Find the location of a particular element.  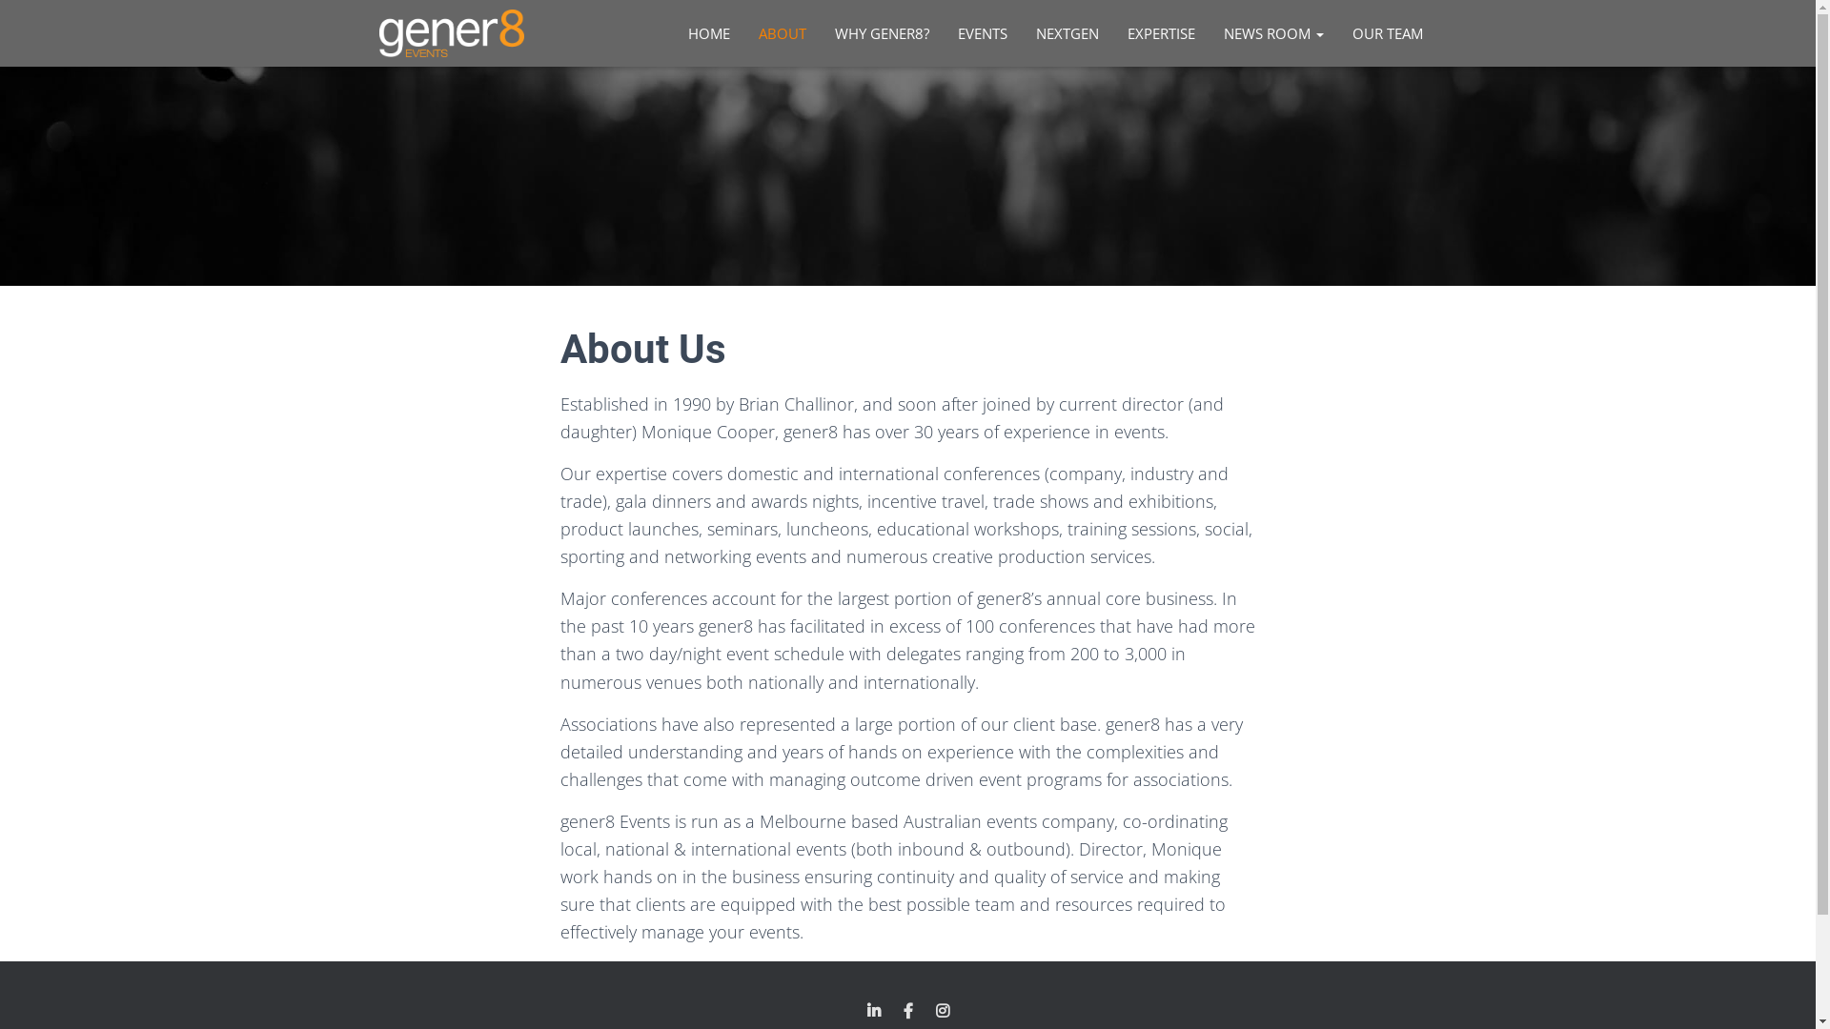

'NEXTGEN' is located at coordinates (1066, 32).